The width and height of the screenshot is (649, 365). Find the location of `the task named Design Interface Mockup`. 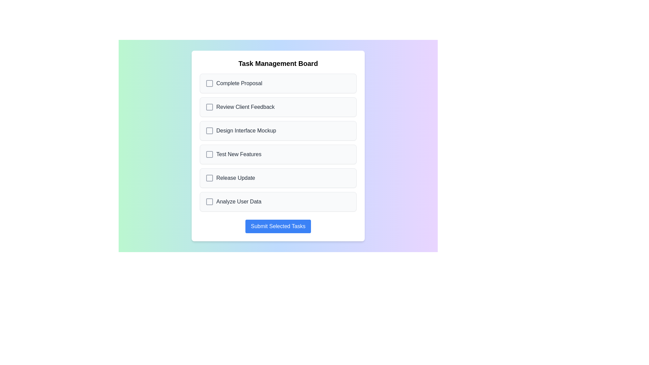

the task named Design Interface Mockup is located at coordinates (278, 130).